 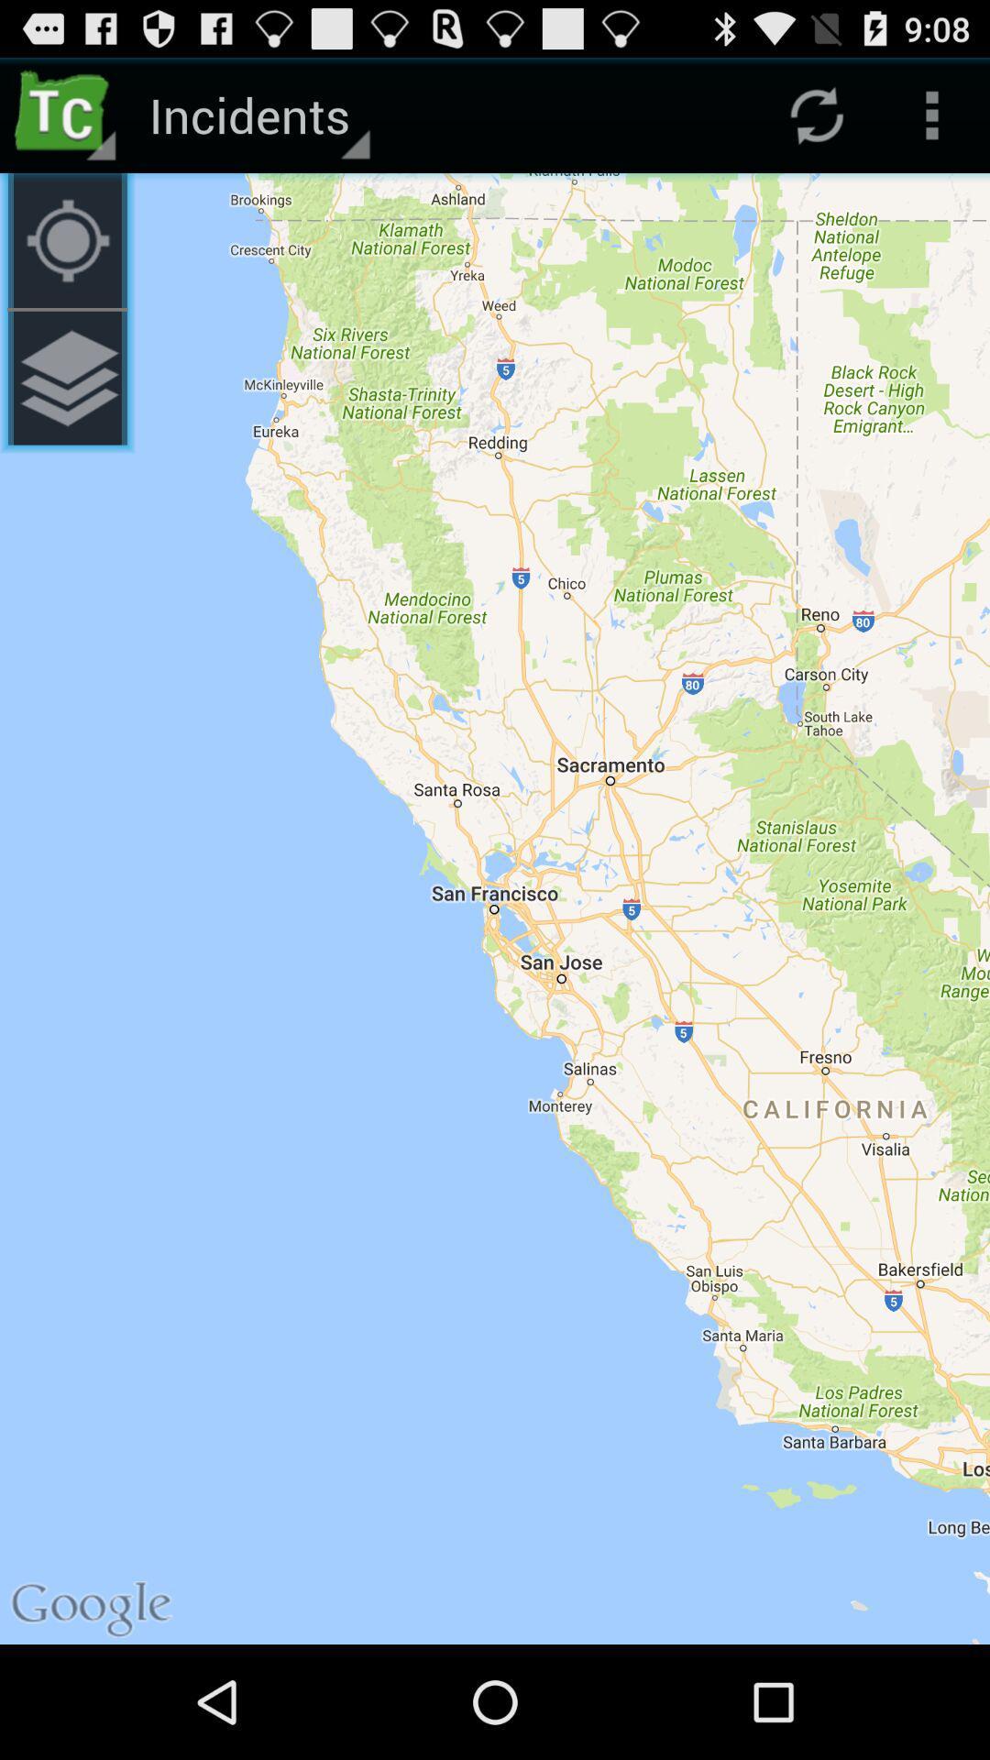 I want to click on the refresh icon, so click(x=816, y=122).